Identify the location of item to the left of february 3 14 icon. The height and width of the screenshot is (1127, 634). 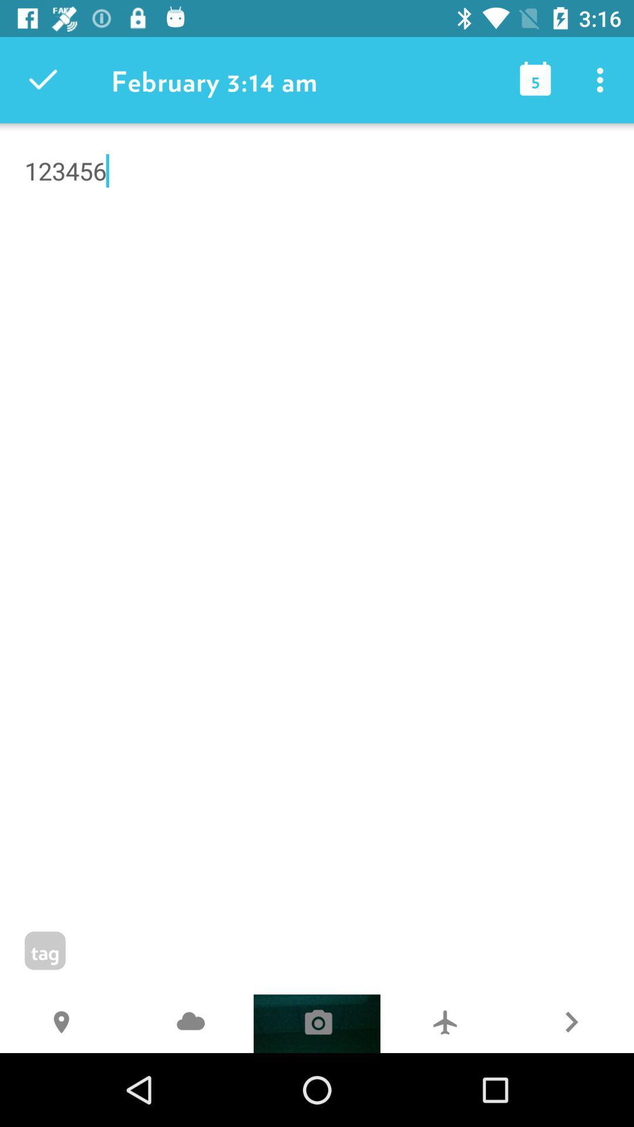
(42, 79).